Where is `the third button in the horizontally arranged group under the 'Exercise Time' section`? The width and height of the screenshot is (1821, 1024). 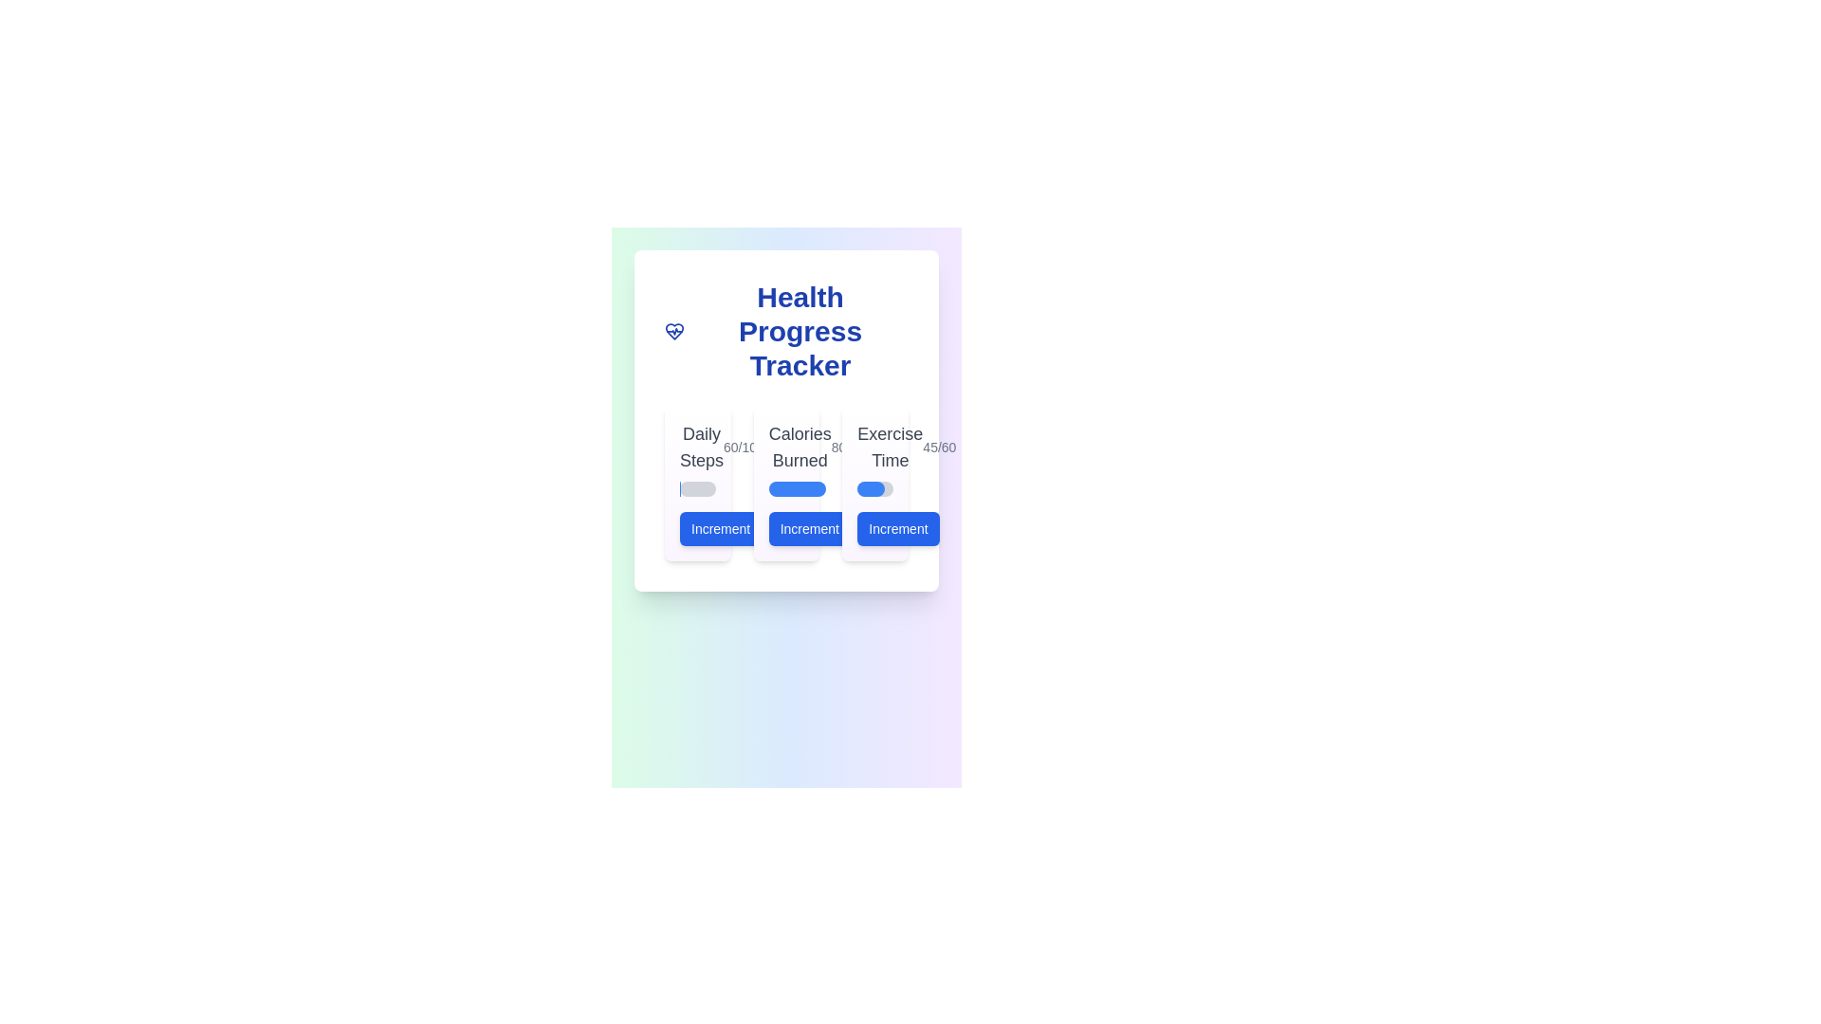 the third button in the horizontally arranged group under the 'Exercise Time' section is located at coordinates (874, 529).